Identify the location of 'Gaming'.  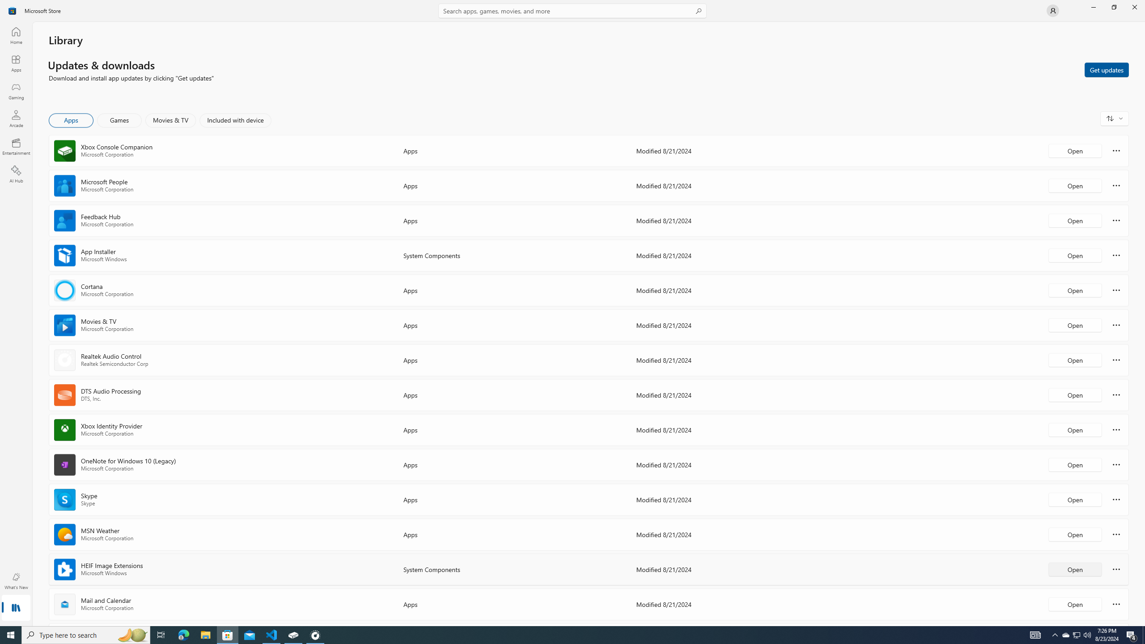
(15, 90).